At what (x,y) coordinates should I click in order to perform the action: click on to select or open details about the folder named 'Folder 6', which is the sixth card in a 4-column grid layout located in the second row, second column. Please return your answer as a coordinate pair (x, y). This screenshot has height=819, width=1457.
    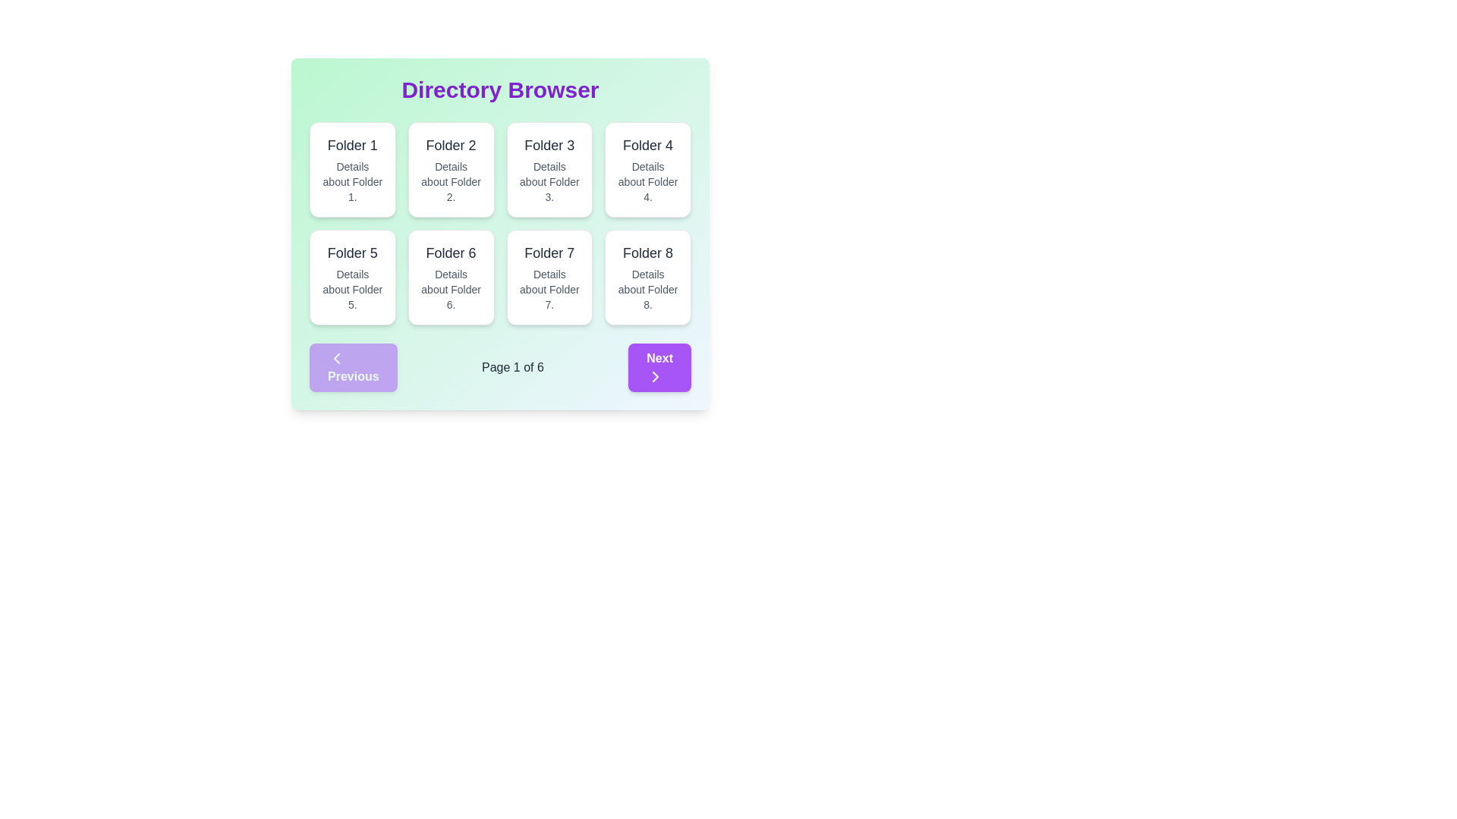
    Looking at the image, I should click on (450, 278).